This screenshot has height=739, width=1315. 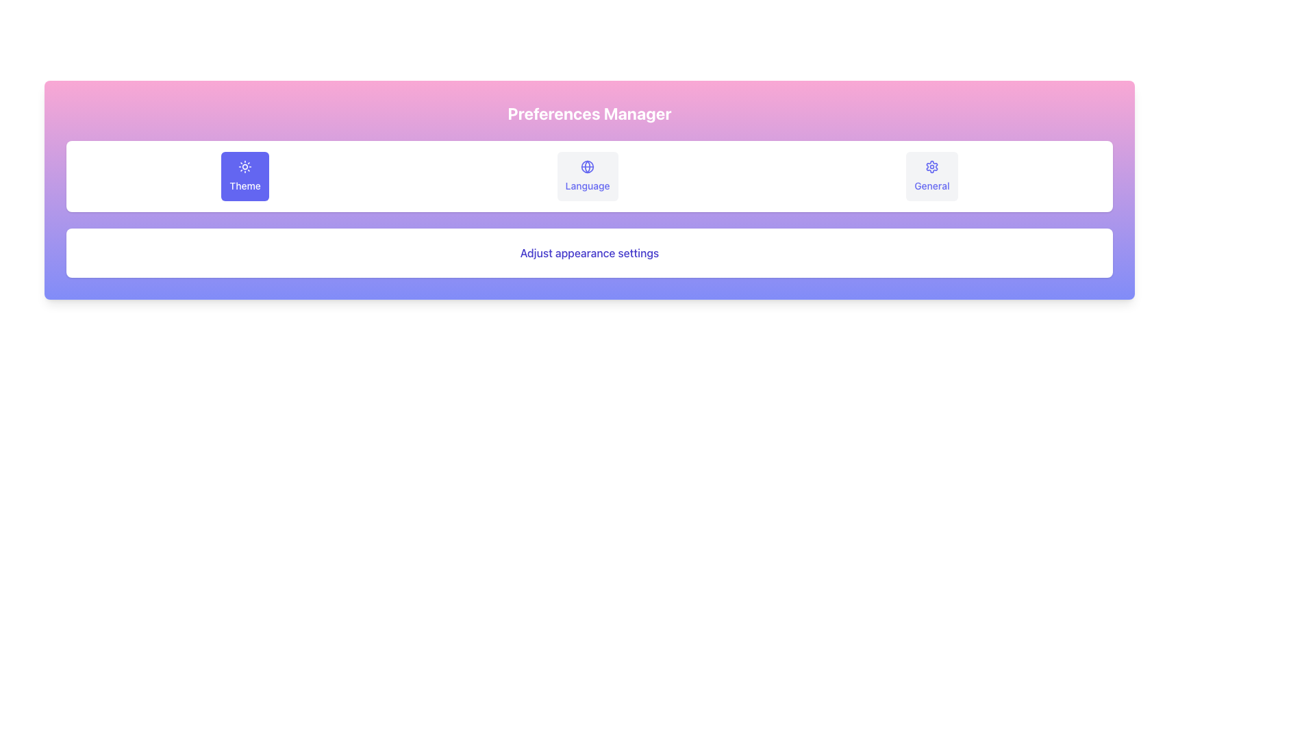 I want to click on the Text Label that indicates appearance settings, positioned at the horizontal center within the lower section of a card-shaped layout, so click(x=589, y=253).